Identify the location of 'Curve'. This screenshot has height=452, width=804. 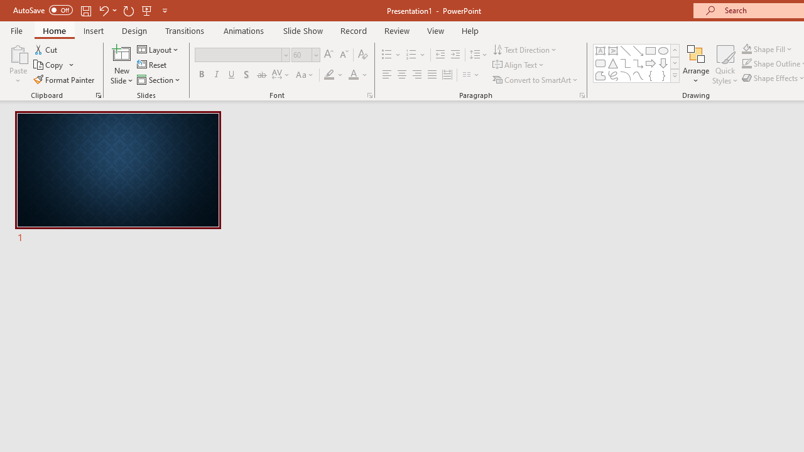
(638, 75).